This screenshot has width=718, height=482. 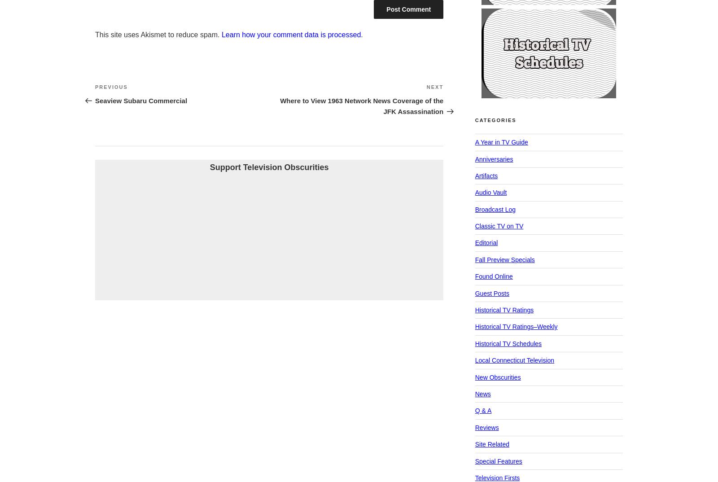 I want to click on 'Broadcast Log', so click(x=475, y=209).